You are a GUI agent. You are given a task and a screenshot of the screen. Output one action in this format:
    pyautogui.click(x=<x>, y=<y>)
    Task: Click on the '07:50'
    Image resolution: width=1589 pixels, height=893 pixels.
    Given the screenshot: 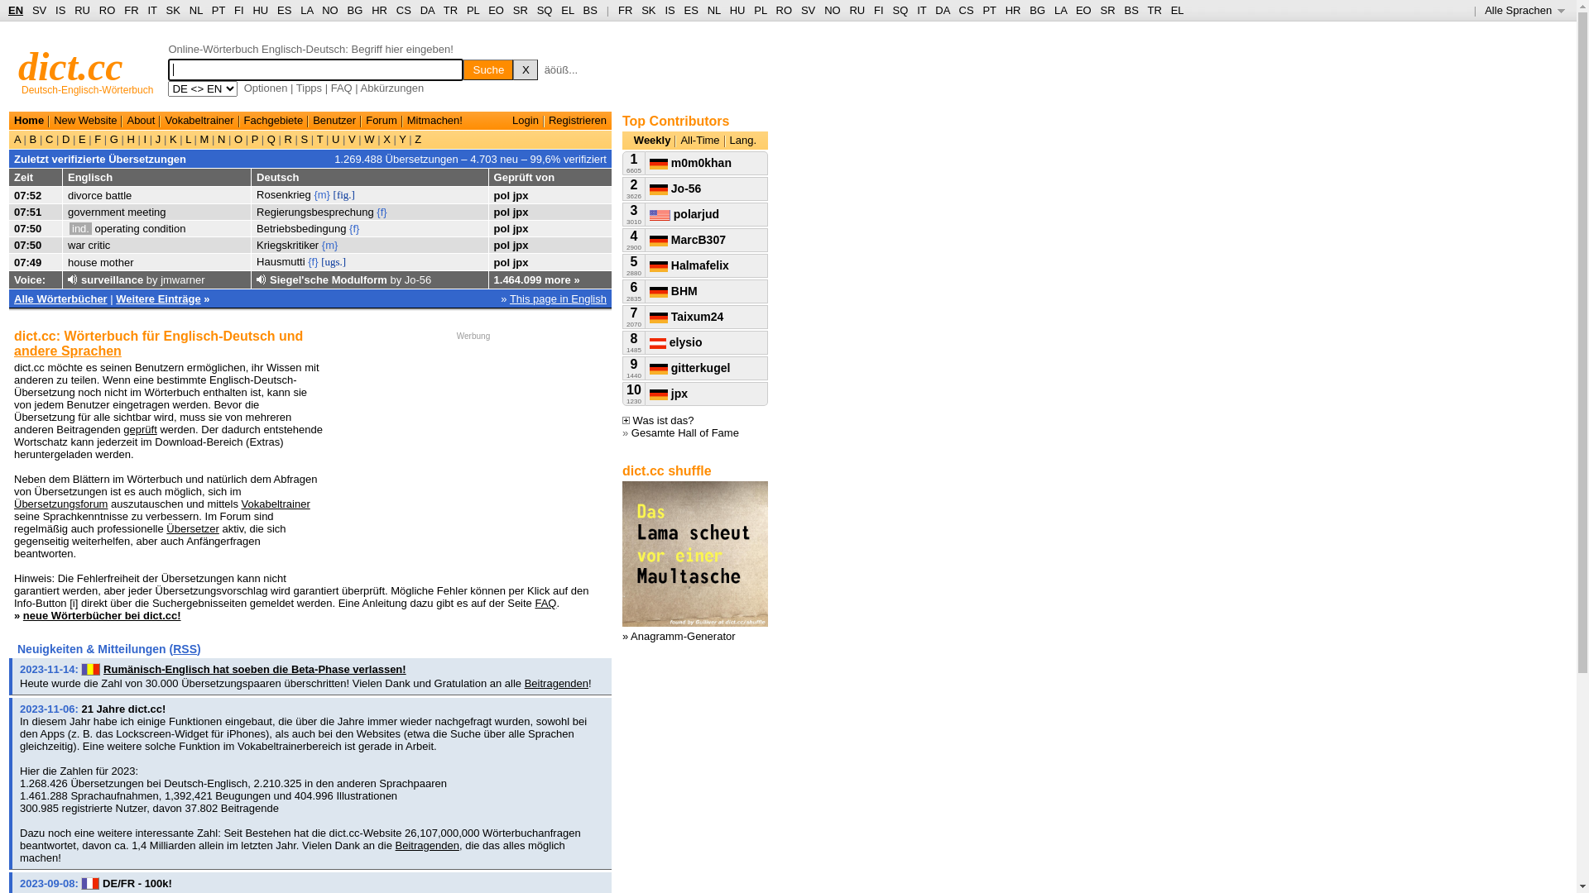 What is the action you would take?
    pyautogui.click(x=27, y=228)
    